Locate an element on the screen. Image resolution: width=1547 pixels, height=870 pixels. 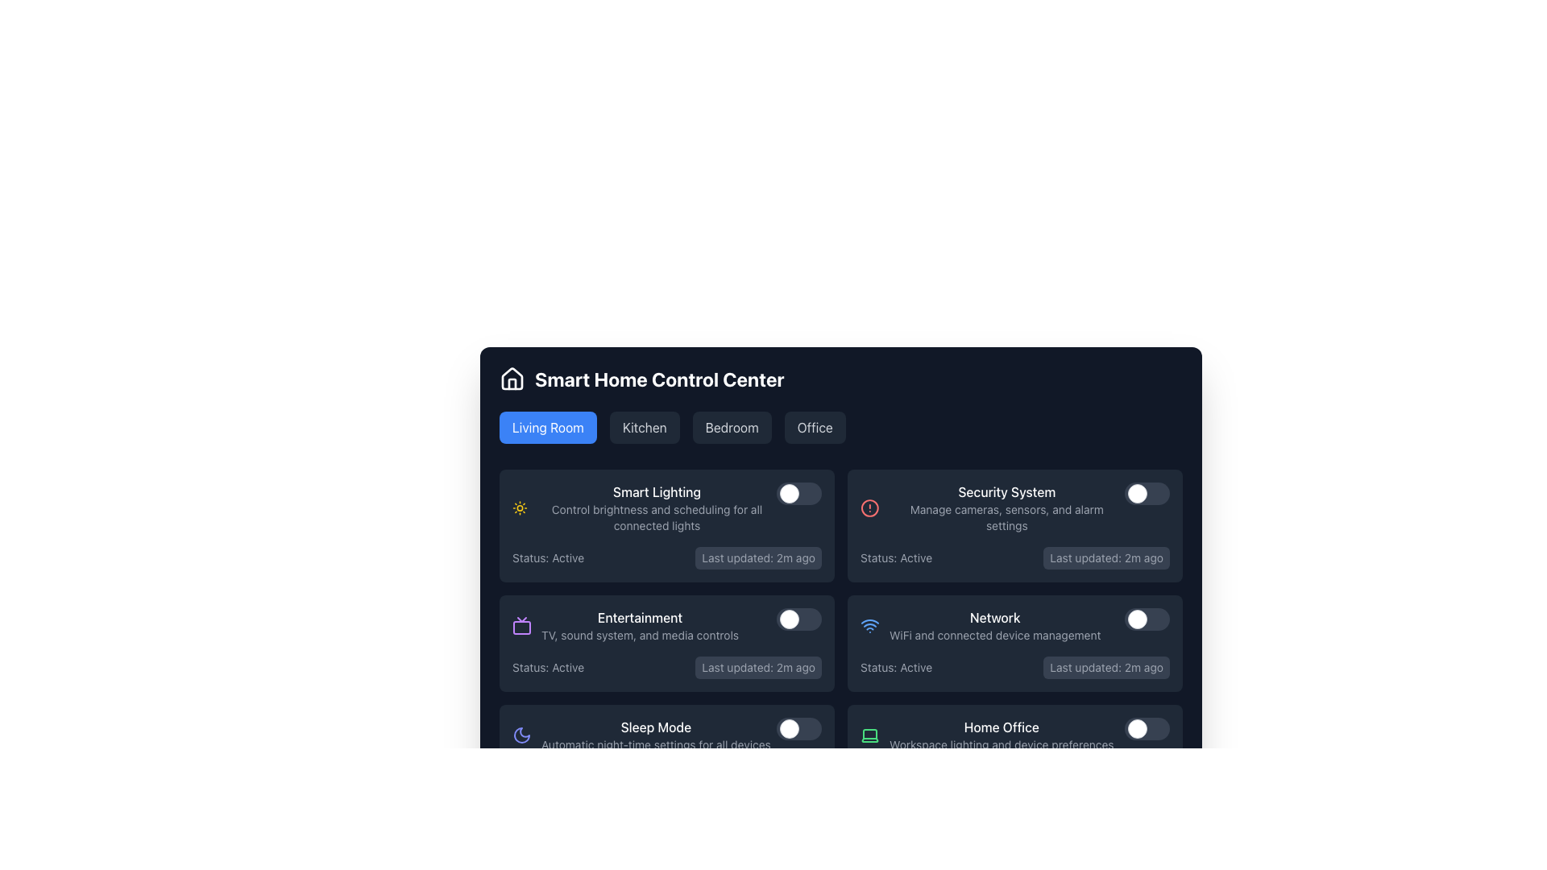
the text block that describes the 'Home Office' section, which provides information about workspace lighting and device preferences is located at coordinates (1001, 735).